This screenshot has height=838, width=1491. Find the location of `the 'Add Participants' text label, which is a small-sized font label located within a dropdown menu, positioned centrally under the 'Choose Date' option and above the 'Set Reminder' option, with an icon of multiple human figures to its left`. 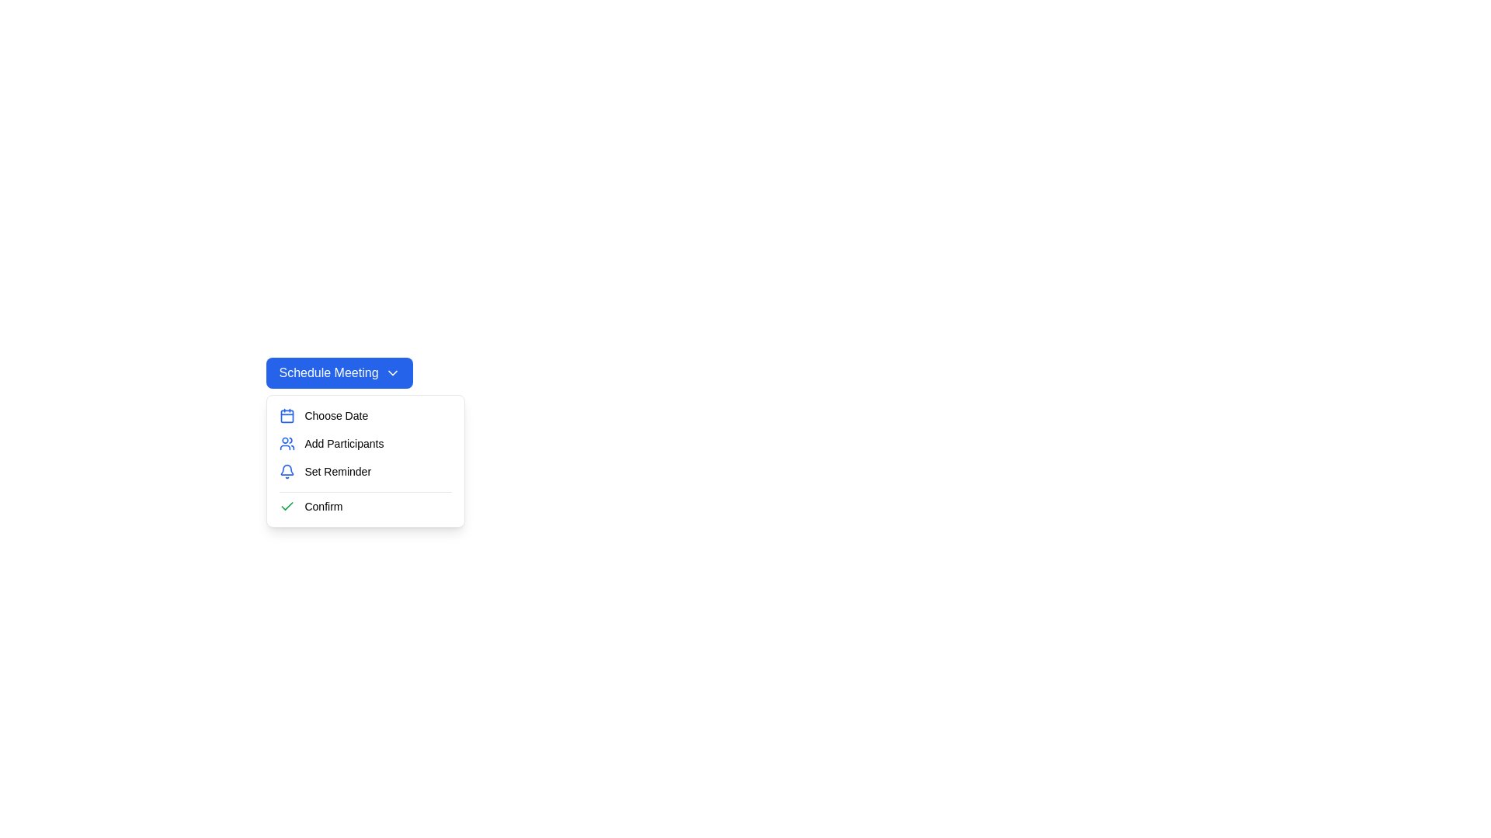

the 'Add Participants' text label, which is a small-sized font label located within a dropdown menu, positioned centrally under the 'Choose Date' option and above the 'Set Reminder' option, with an icon of multiple human figures to its left is located at coordinates (343, 443).